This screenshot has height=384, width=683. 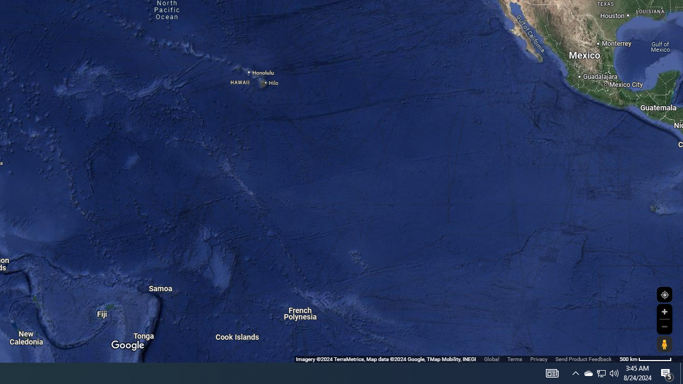 What do you see at coordinates (664, 344) in the screenshot?
I see `'Show Street View coverage'` at bounding box center [664, 344].